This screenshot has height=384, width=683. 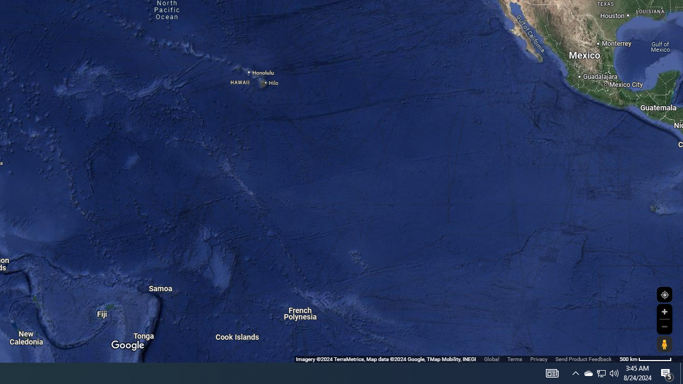 What do you see at coordinates (664, 344) in the screenshot?
I see `'Show Street View coverage'` at bounding box center [664, 344].